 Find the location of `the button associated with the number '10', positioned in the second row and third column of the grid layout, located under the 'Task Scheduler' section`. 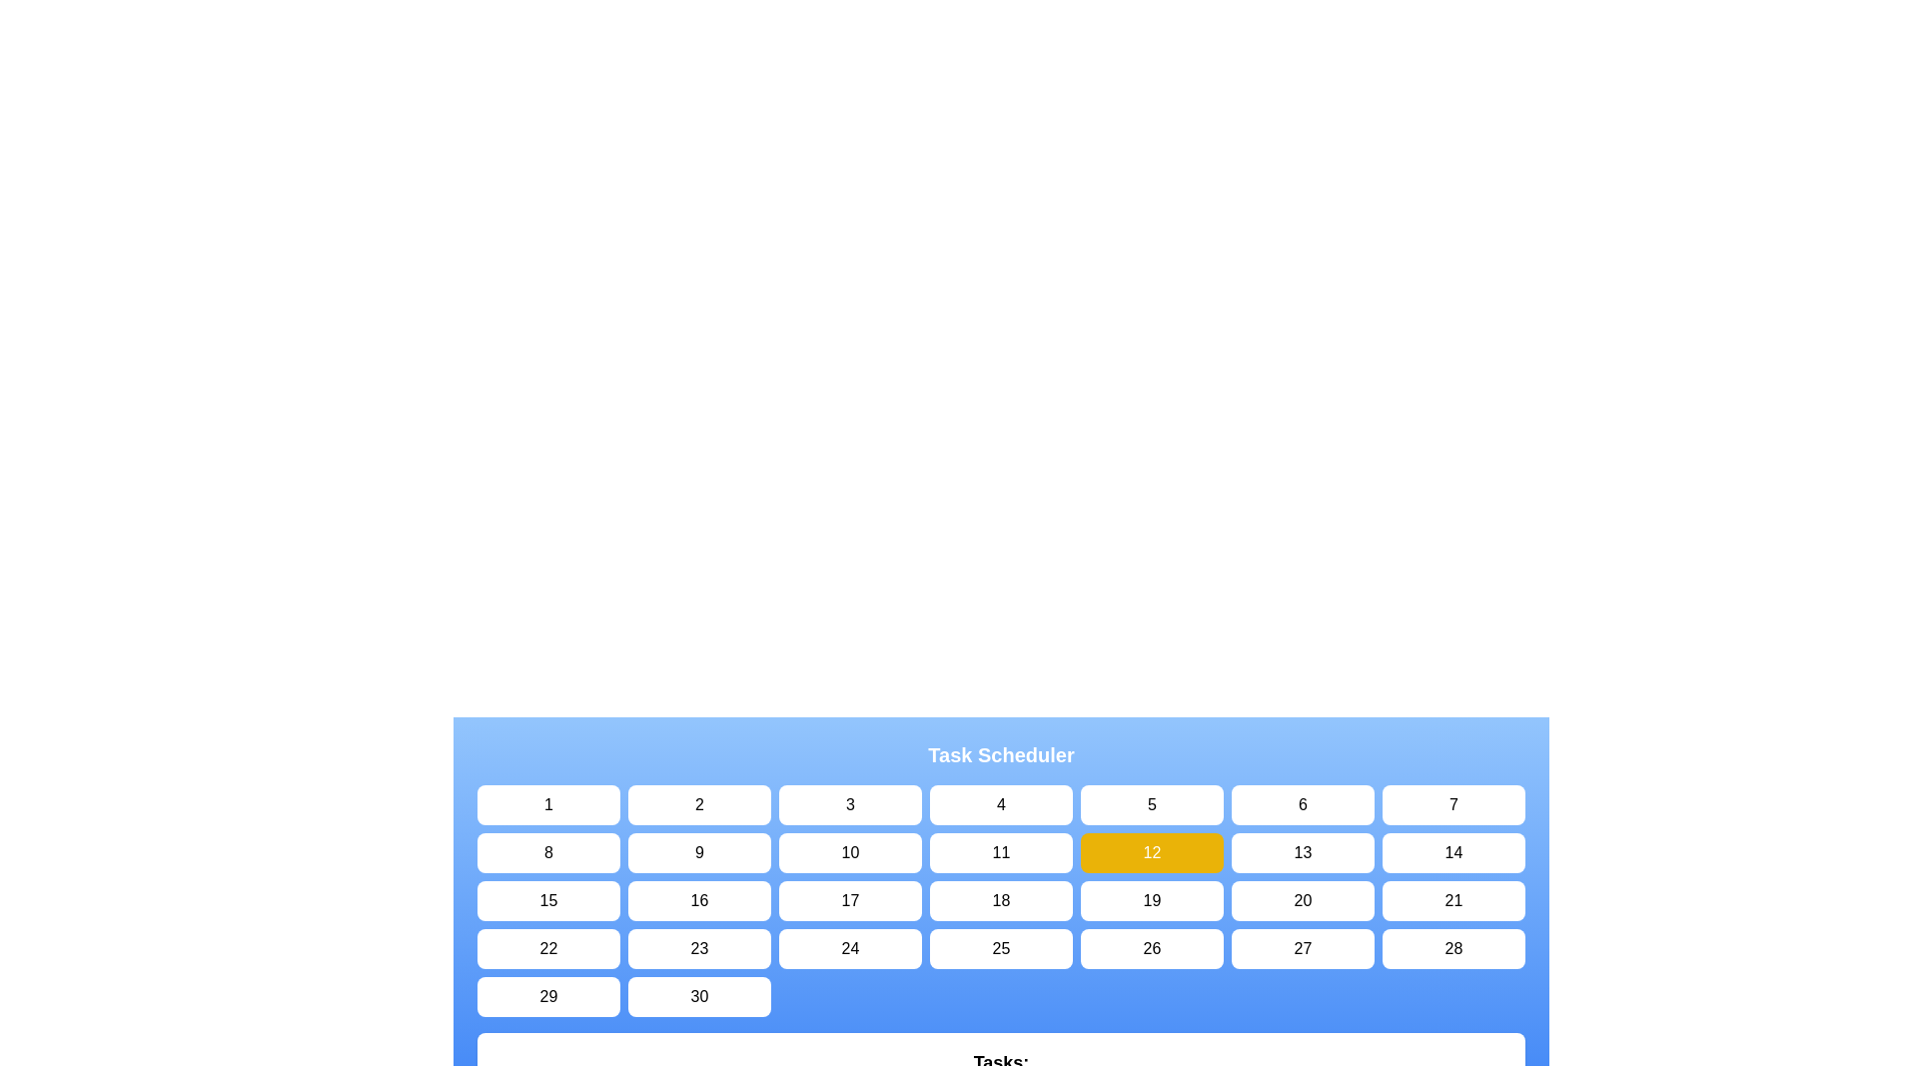

the button associated with the number '10', positioned in the second row and third column of the grid layout, located under the 'Task Scheduler' section is located at coordinates (850, 852).